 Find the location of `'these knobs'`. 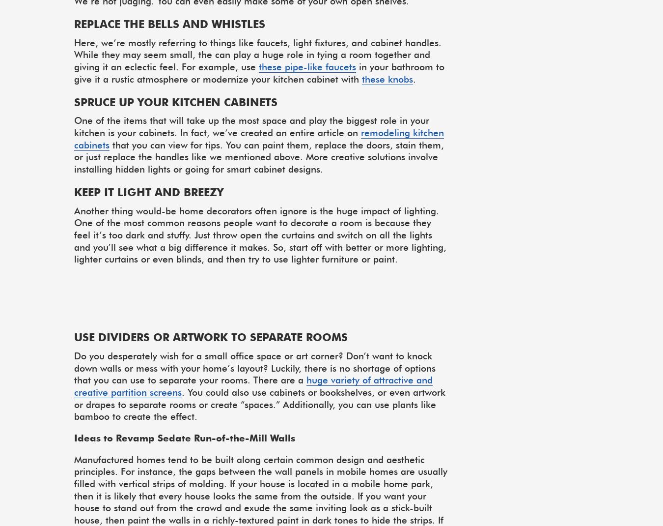

'these knobs' is located at coordinates (361, 78).